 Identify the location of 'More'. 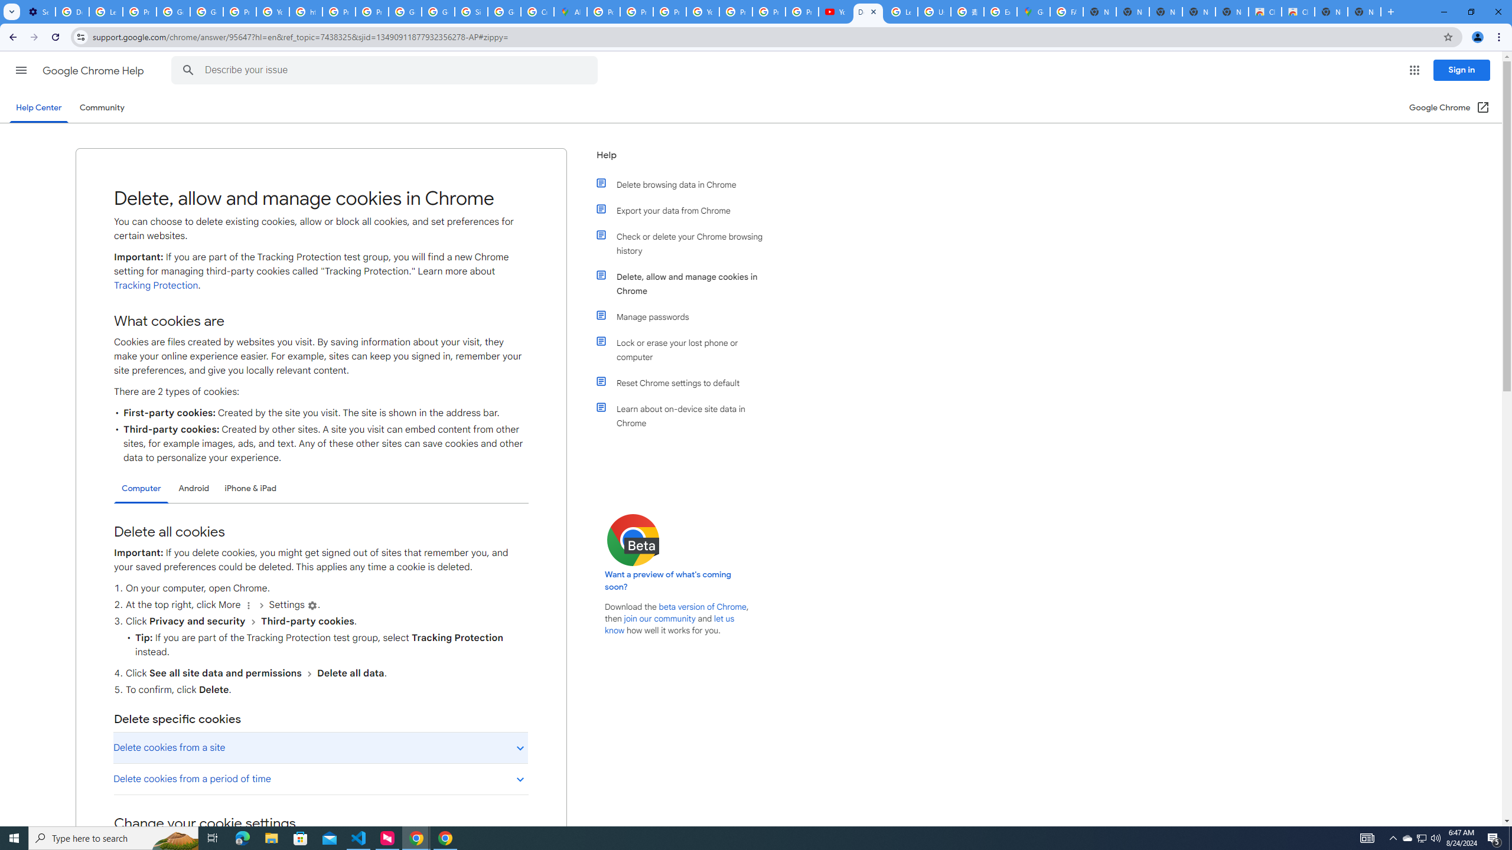
(248, 606).